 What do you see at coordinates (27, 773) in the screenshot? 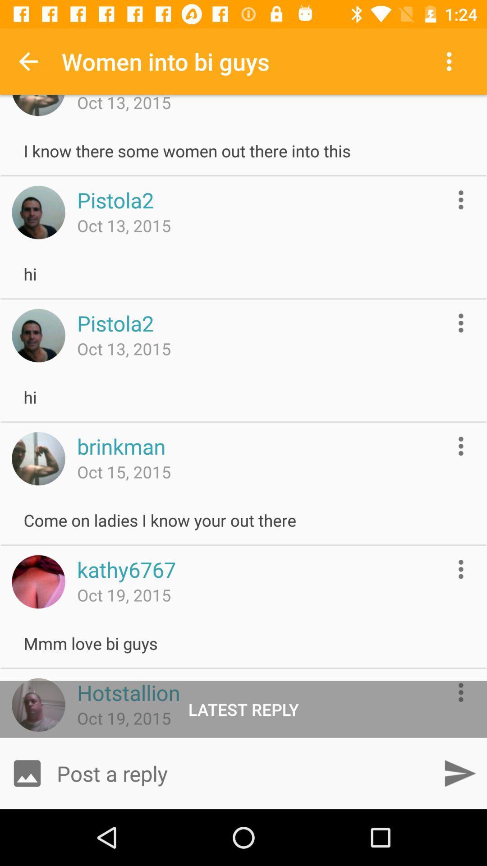
I see `attach photo` at bounding box center [27, 773].